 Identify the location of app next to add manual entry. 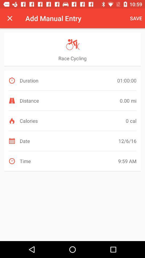
(10, 18).